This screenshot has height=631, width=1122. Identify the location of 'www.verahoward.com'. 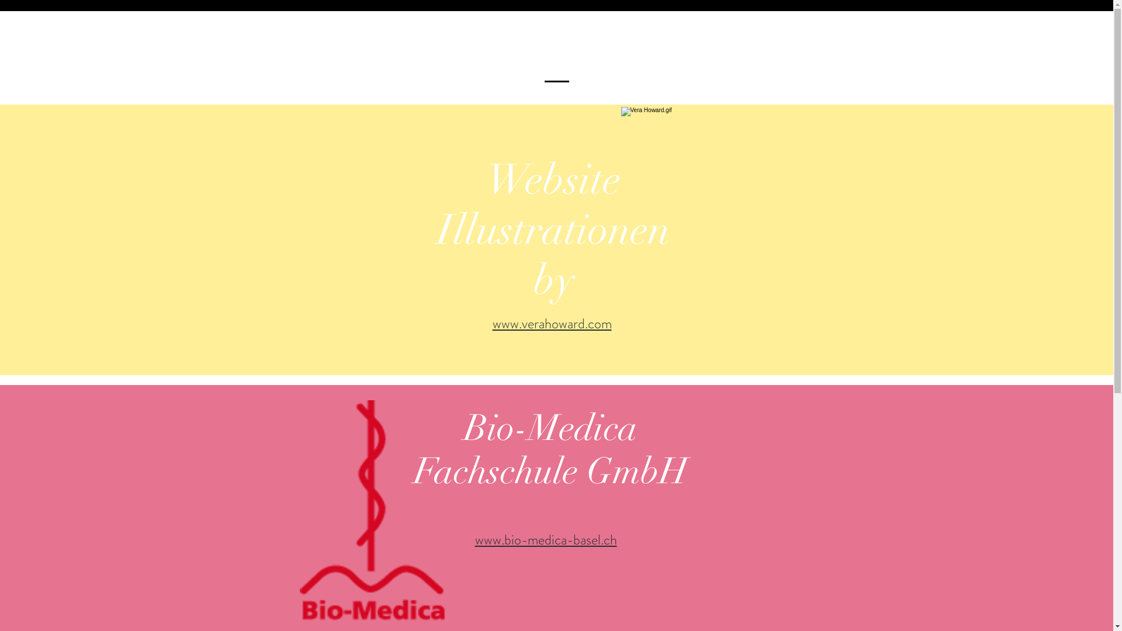
(551, 324).